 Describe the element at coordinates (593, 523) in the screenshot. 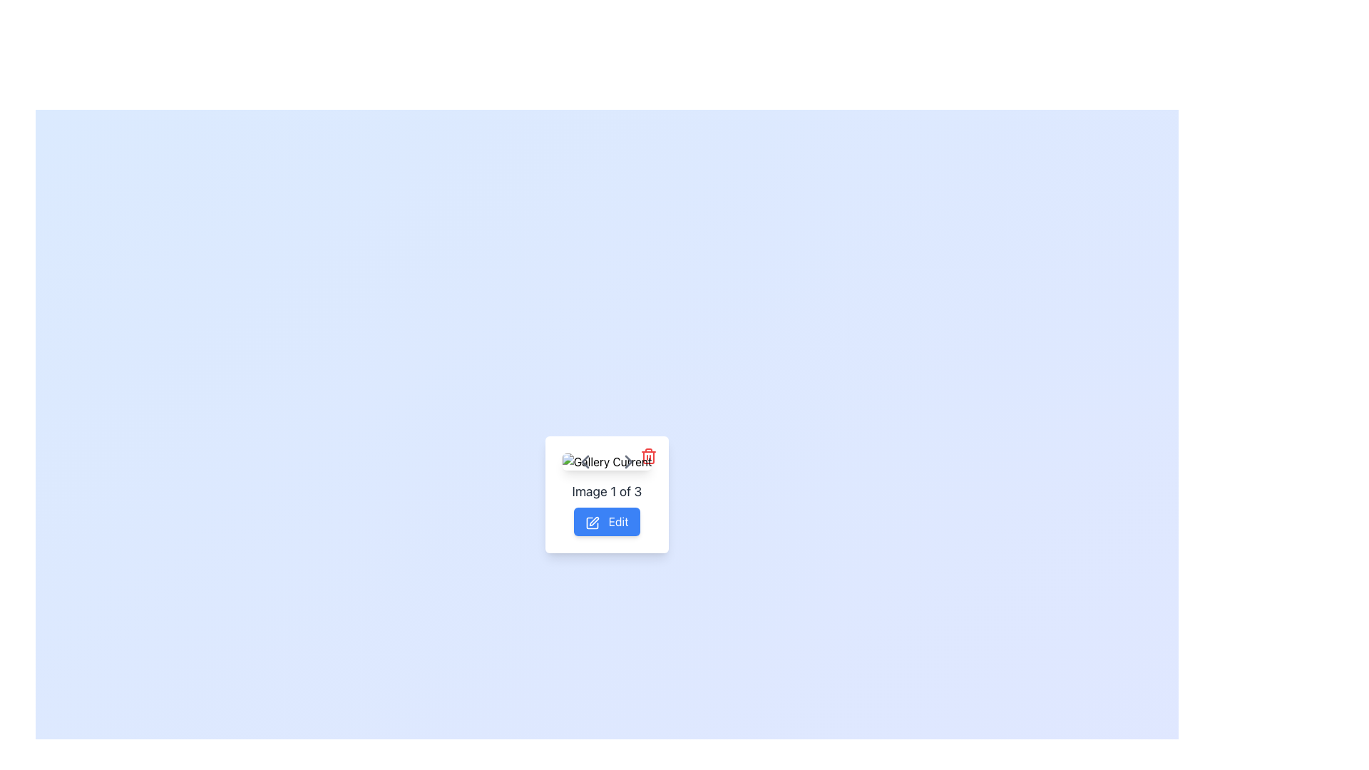

I see `the blue button labeled 'Edit' that contains a small square icon with a pen on the left side, located at the bottom of a card-like structure` at that location.